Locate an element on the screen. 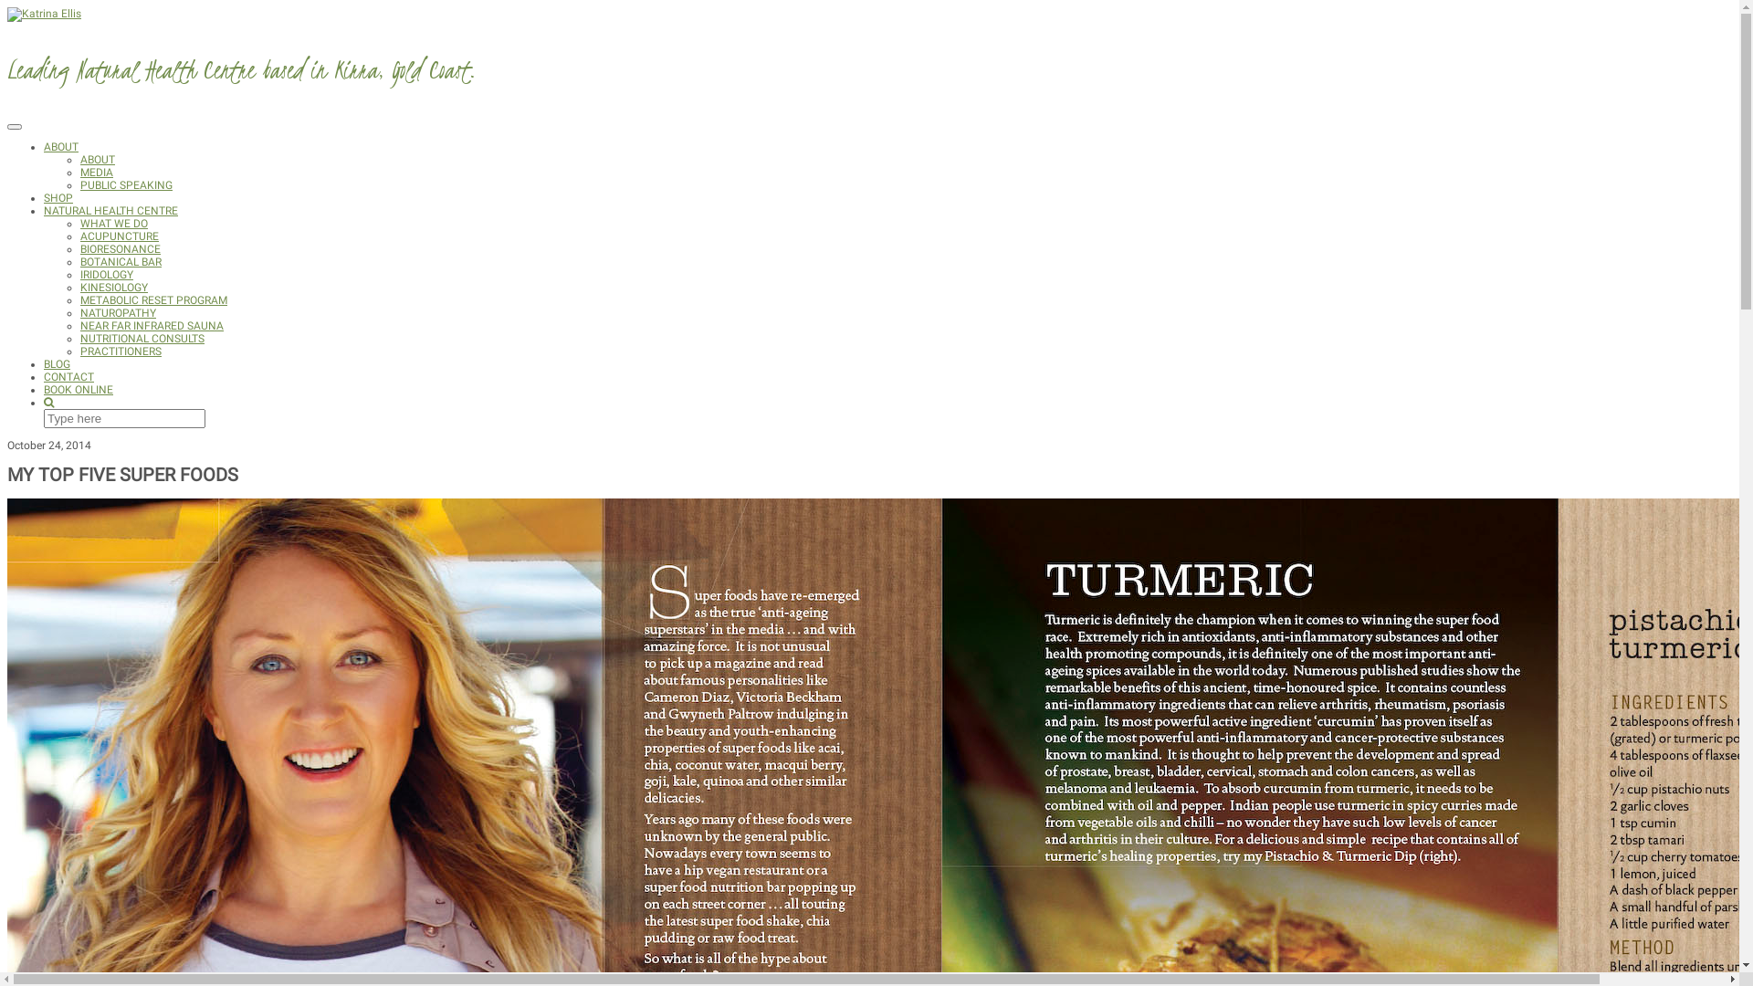  'BLOG' is located at coordinates (57, 363).